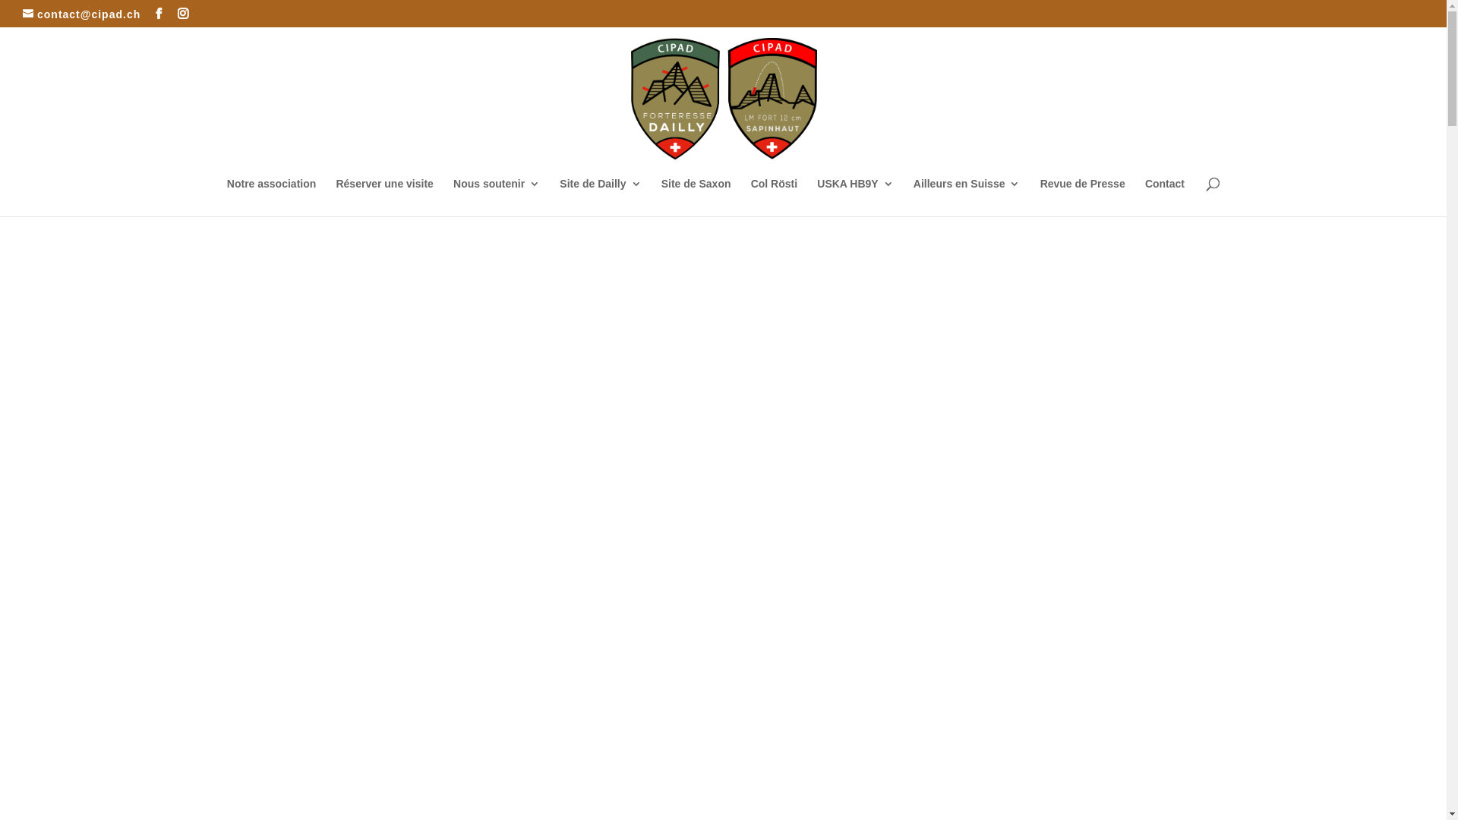 Image resolution: width=1458 pixels, height=820 pixels. What do you see at coordinates (1164, 196) in the screenshot?
I see `'Contact'` at bounding box center [1164, 196].